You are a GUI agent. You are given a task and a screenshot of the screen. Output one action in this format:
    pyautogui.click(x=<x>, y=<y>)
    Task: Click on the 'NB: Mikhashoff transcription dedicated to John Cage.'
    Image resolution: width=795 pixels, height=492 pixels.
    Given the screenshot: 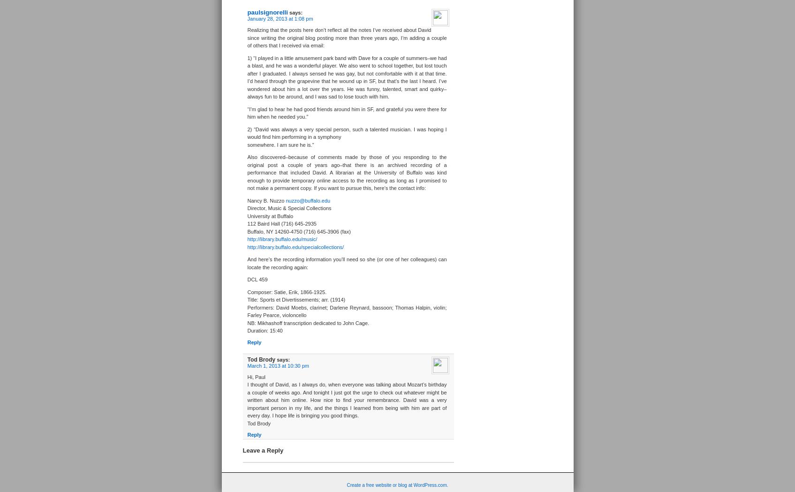 What is the action you would take?
    pyautogui.click(x=308, y=323)
    